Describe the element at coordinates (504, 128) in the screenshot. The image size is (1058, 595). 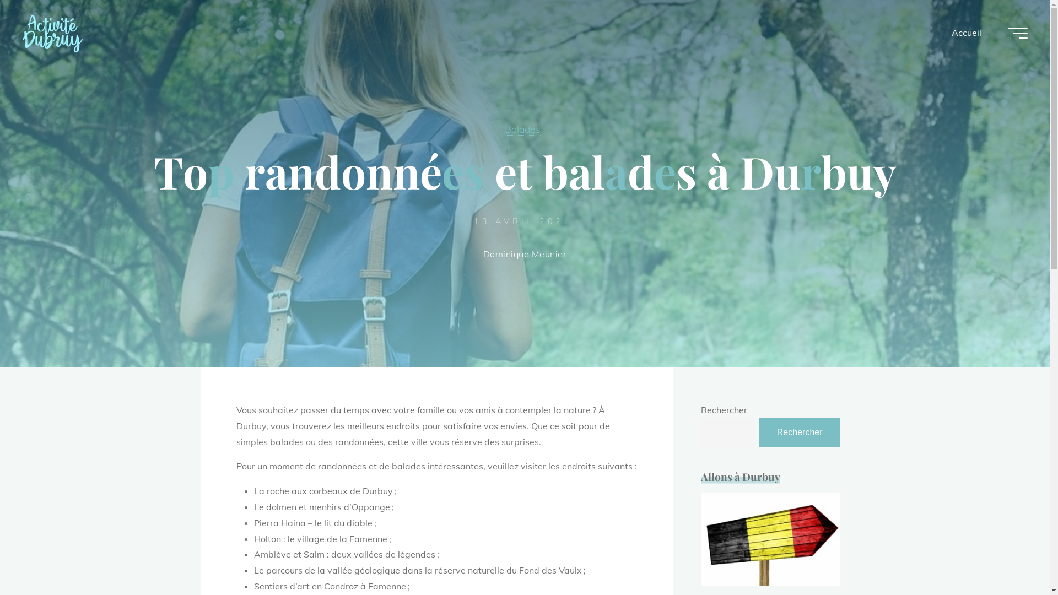
I see `'Balades'` at that location.